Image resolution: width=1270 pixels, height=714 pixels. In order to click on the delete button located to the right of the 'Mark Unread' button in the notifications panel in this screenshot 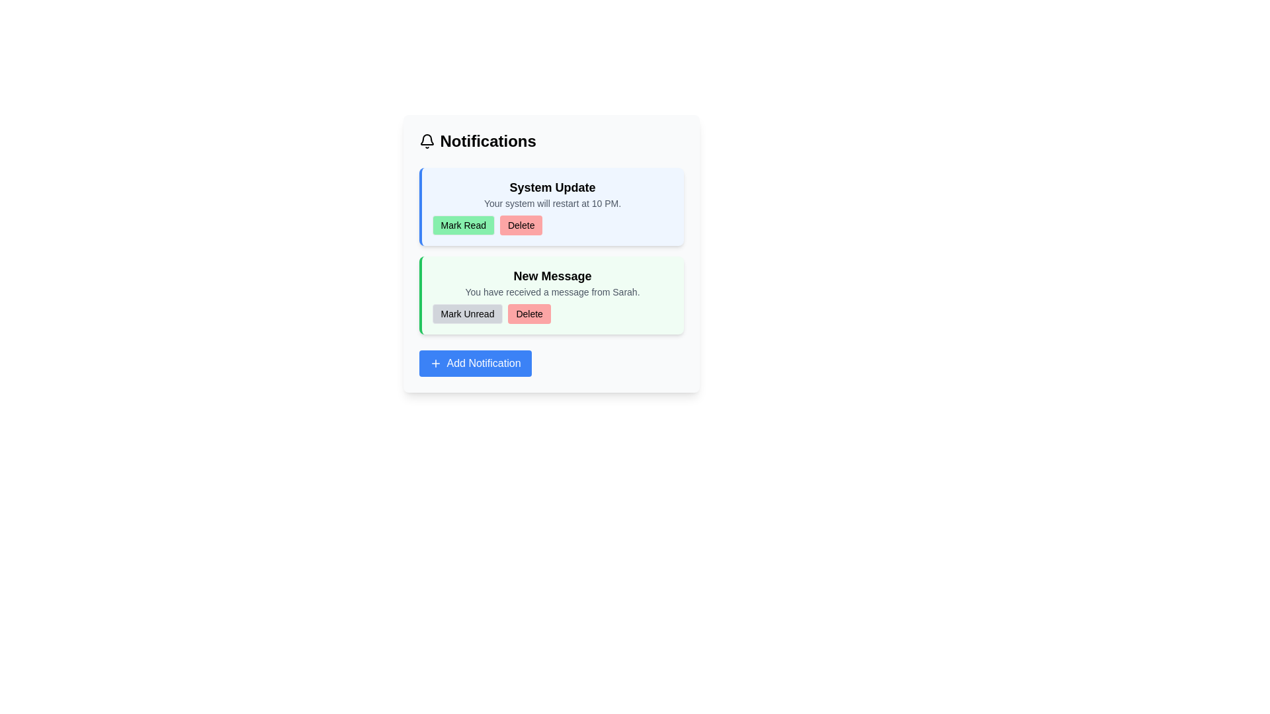, I will do `click(529, 313)`.